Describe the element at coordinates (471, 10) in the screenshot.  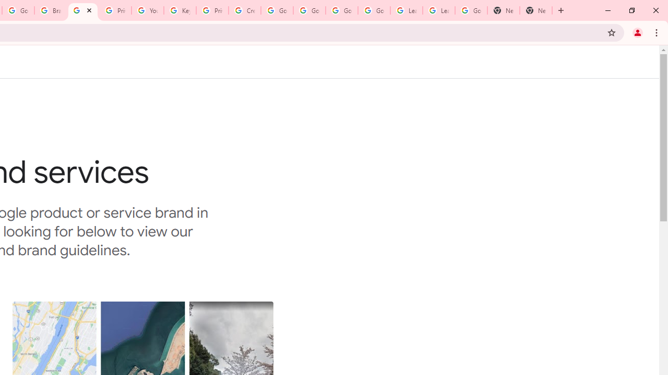
I see `'Google Account'` at that location.